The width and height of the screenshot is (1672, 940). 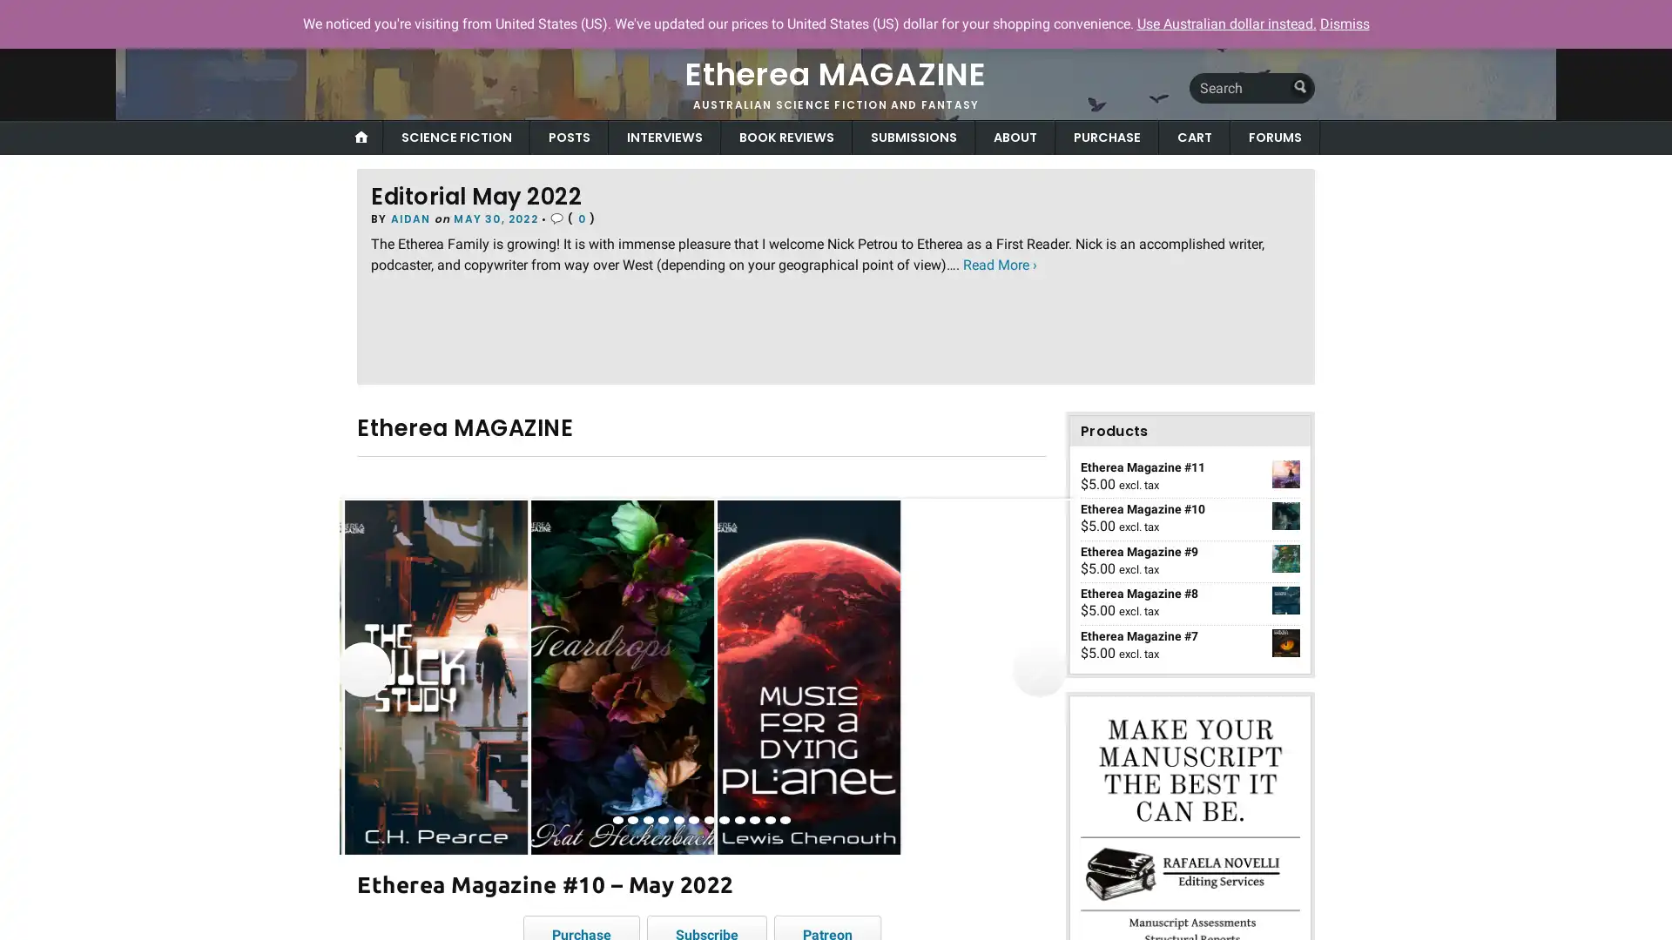 What do you see at coordinates (785, 819) in the screenshot?
I see `view image 12 of 12 in carousel` at bounding box center [785, 819].